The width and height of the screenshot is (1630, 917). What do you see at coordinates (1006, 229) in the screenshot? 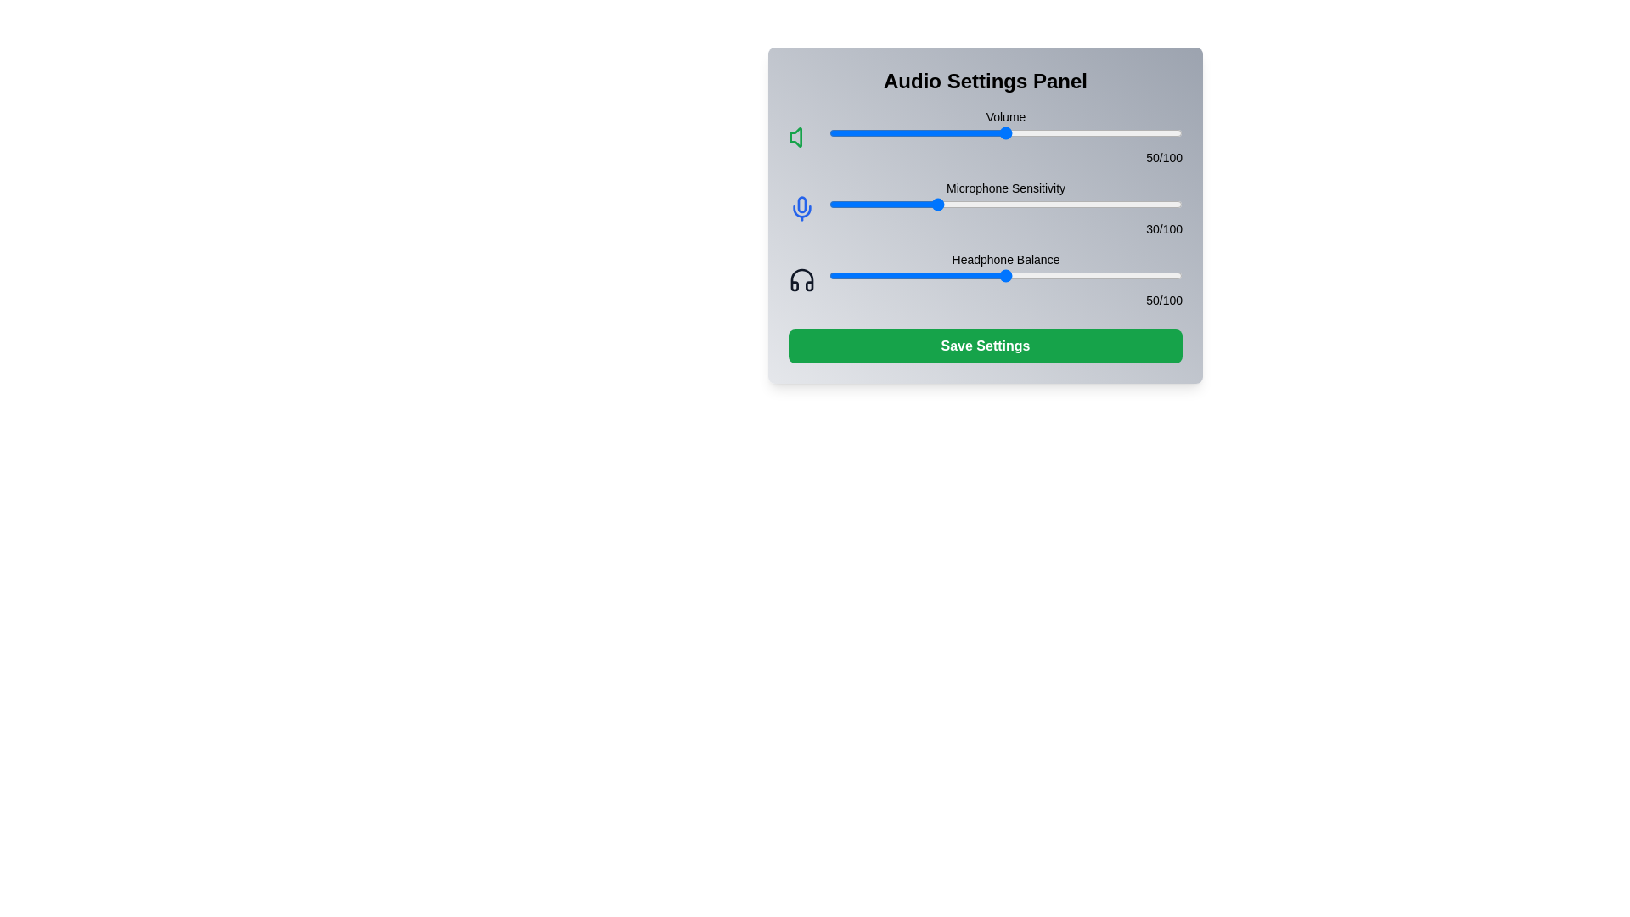
I see `the static text label displaying '30/100' located in the 'Microphone Sensitivity' section, aligned to the right of the horizontal slider` at bounding box center [1006, 229].